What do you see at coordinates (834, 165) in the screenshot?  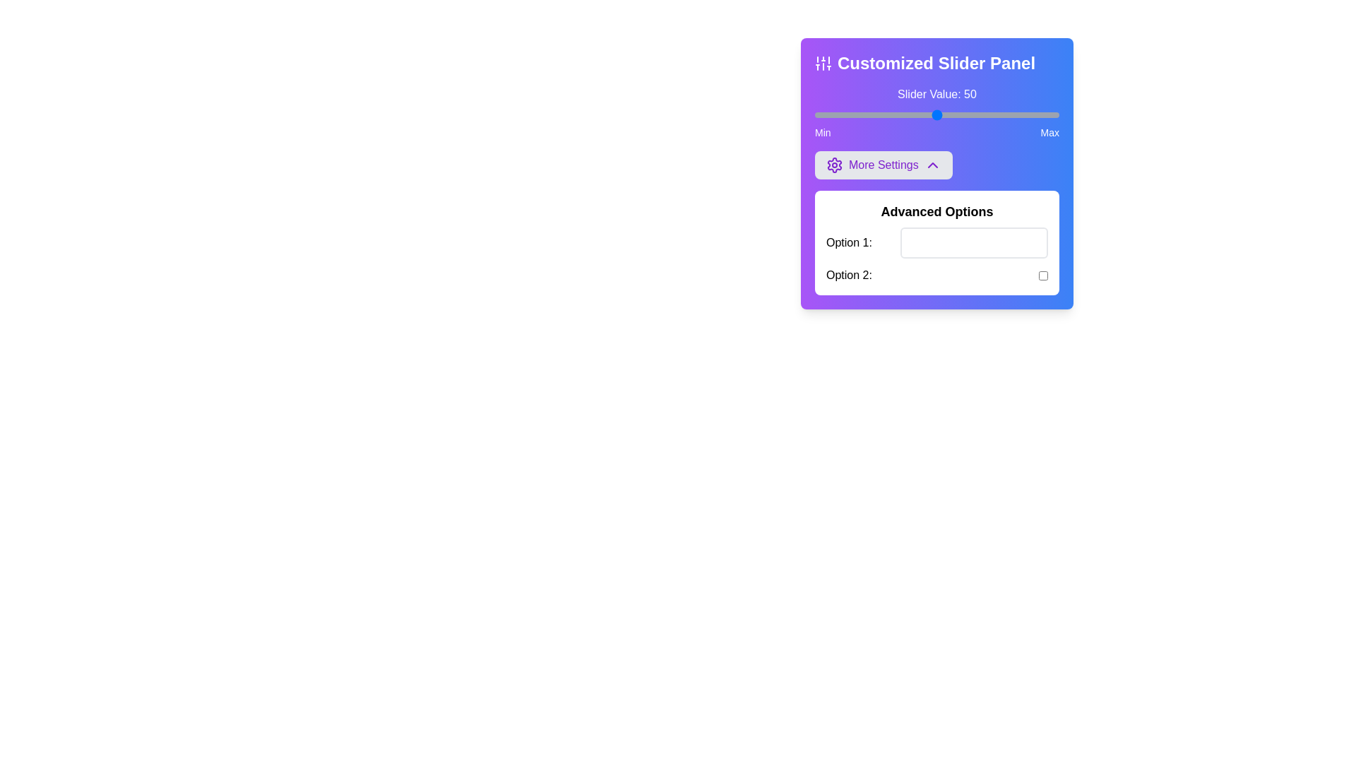 I see `the settings icon located to the left of the 'More Settings' button within the control panel` at bounding box center [834, 165].